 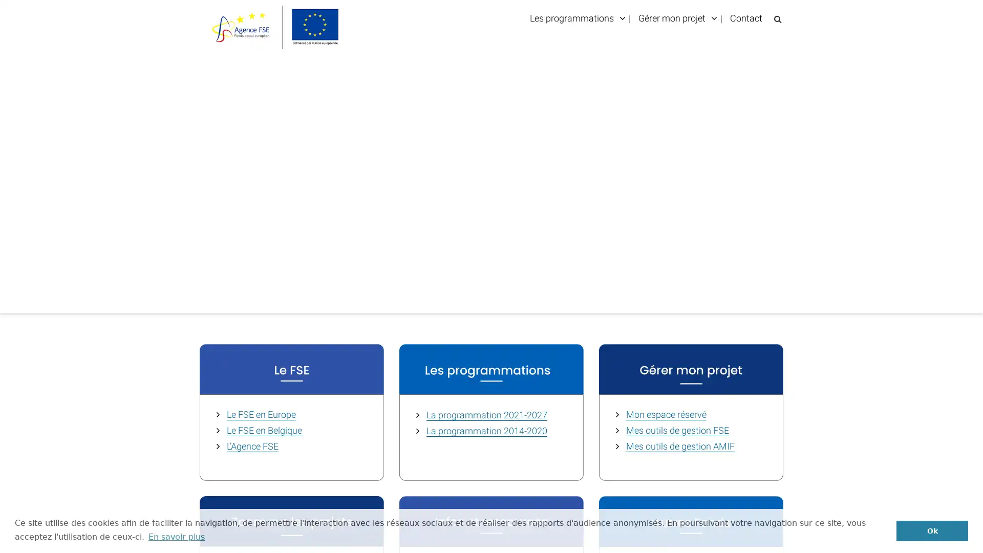 I want to click on learn more about cookies, so click(x=176, y=536).